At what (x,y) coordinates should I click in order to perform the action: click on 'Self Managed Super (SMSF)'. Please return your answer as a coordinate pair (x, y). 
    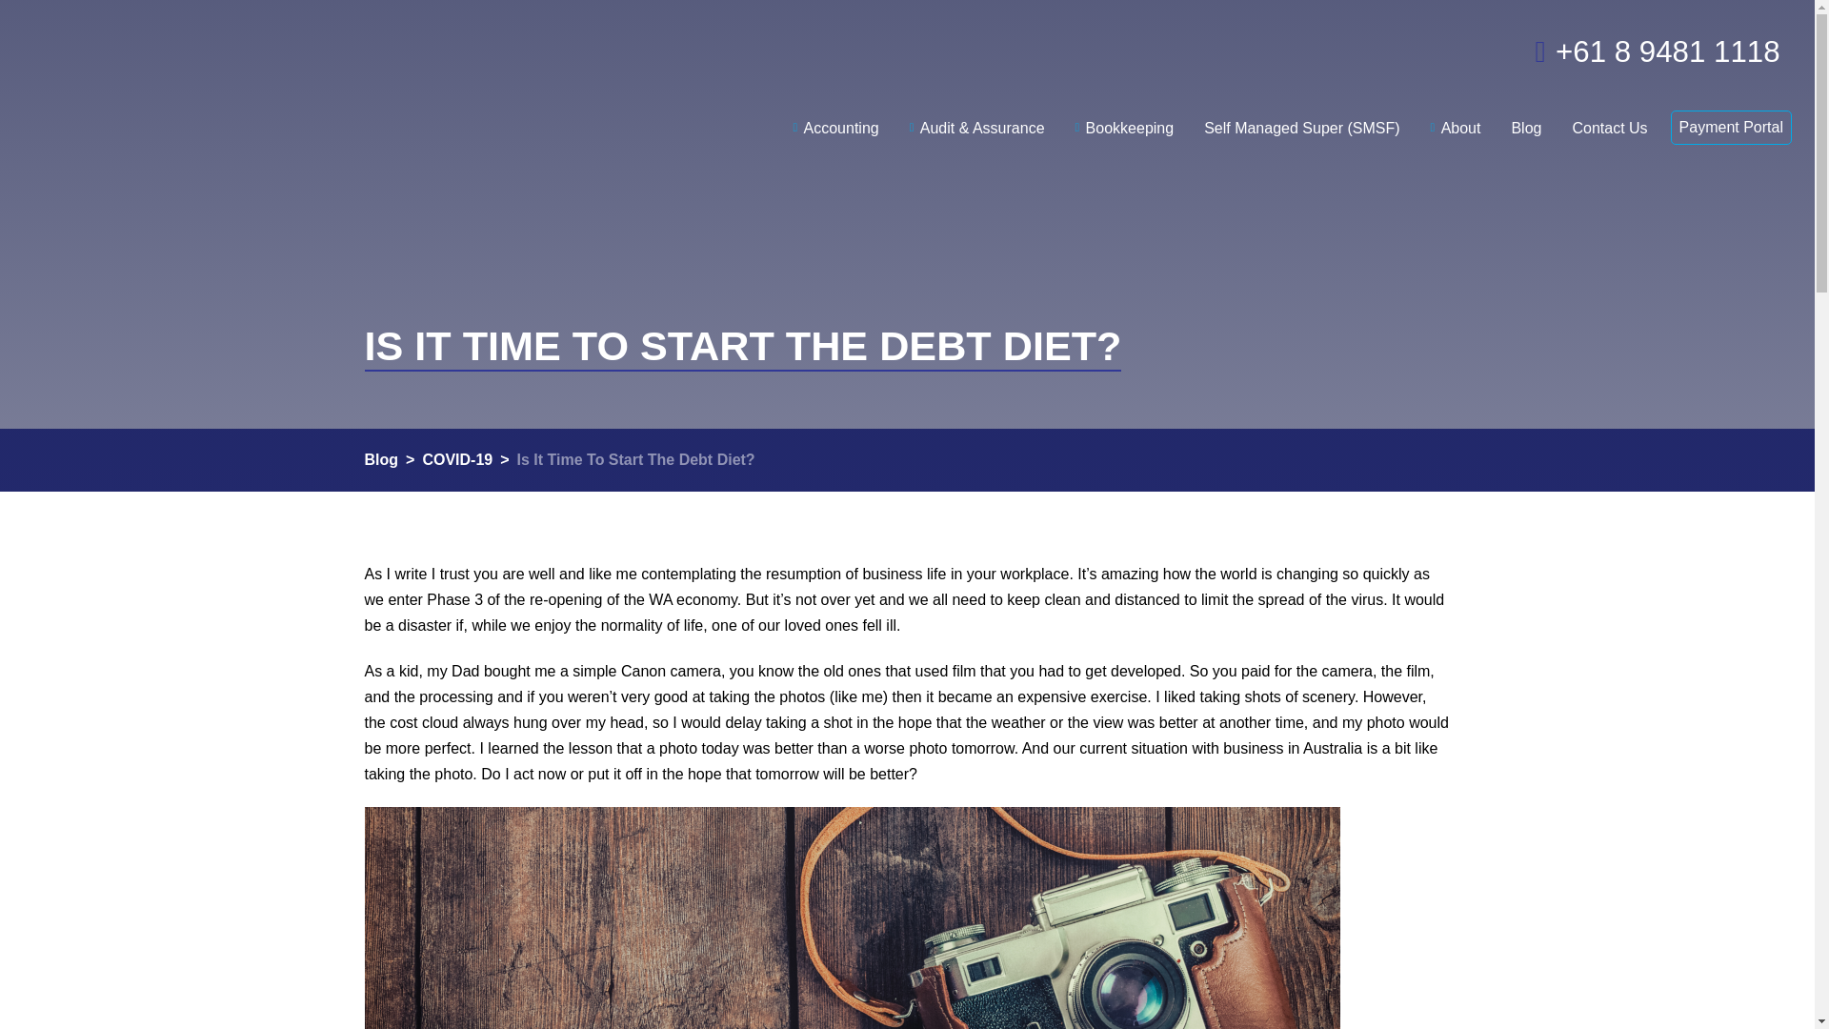
    Looking at the image, I should click on (1300, 113).